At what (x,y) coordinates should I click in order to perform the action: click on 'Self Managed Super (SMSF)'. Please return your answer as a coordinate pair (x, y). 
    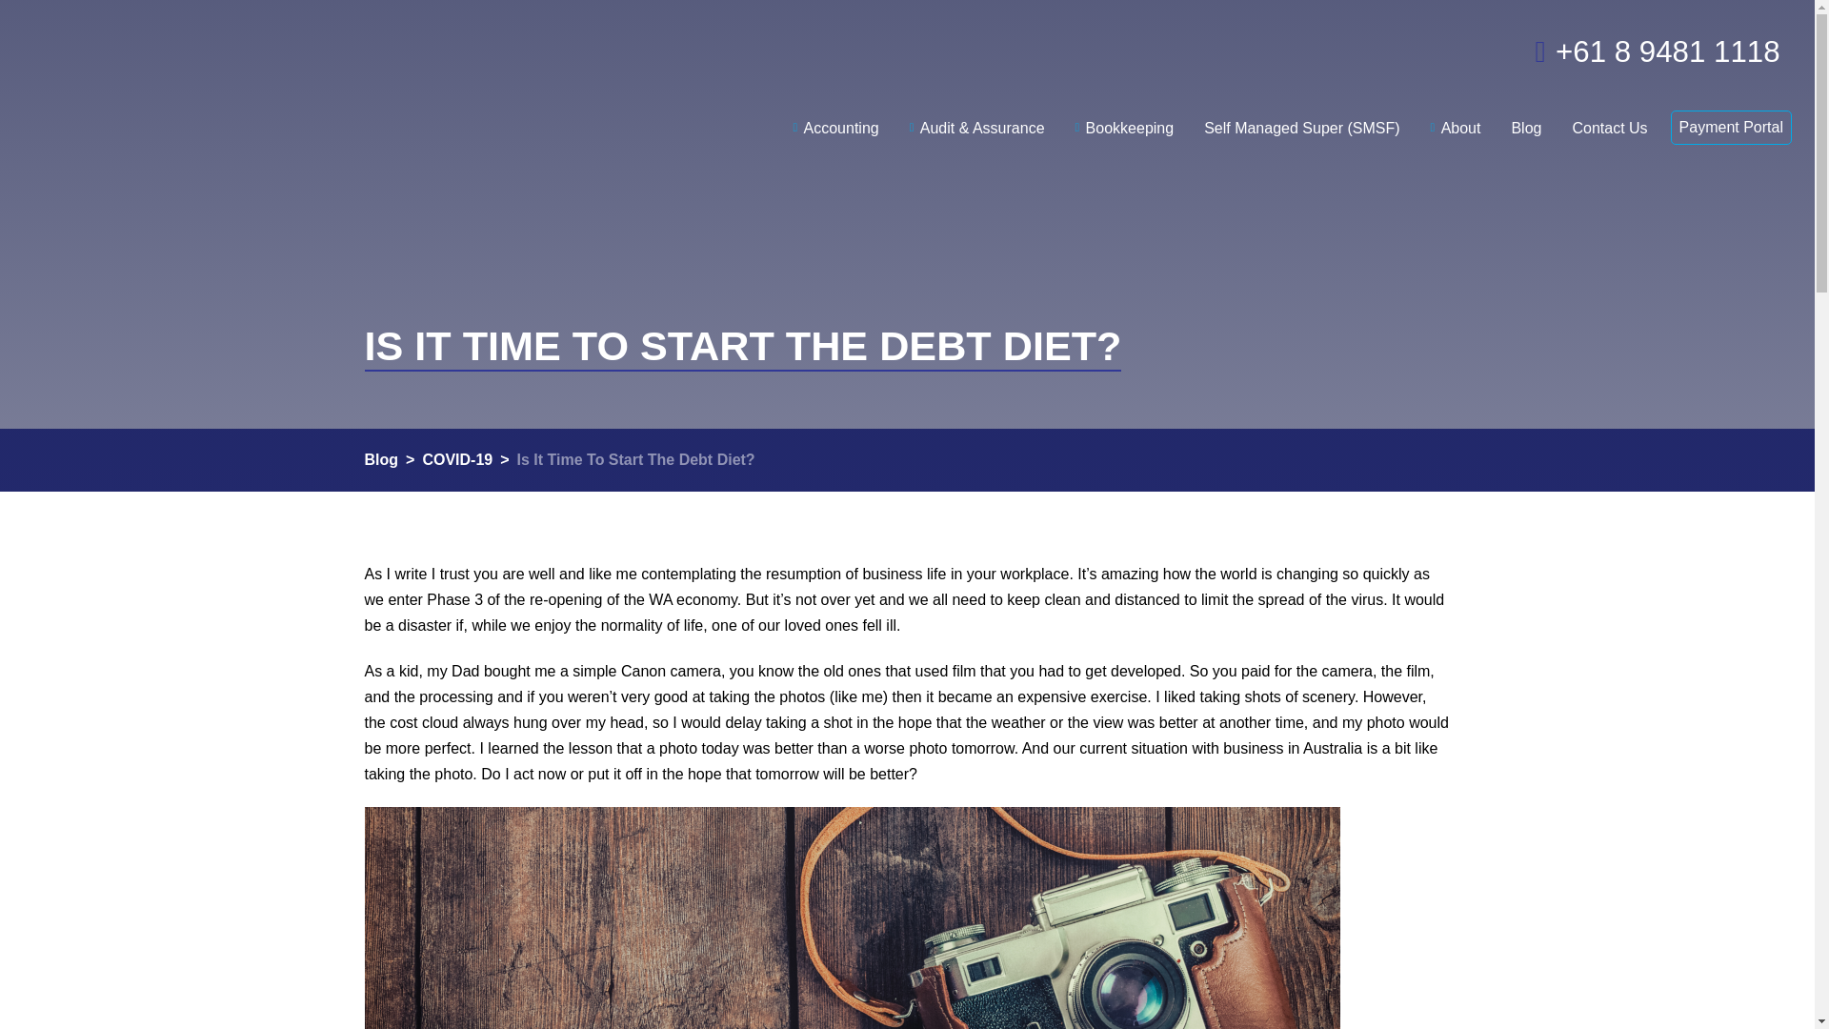
    Looking at the image, I should click on (1300, 113).